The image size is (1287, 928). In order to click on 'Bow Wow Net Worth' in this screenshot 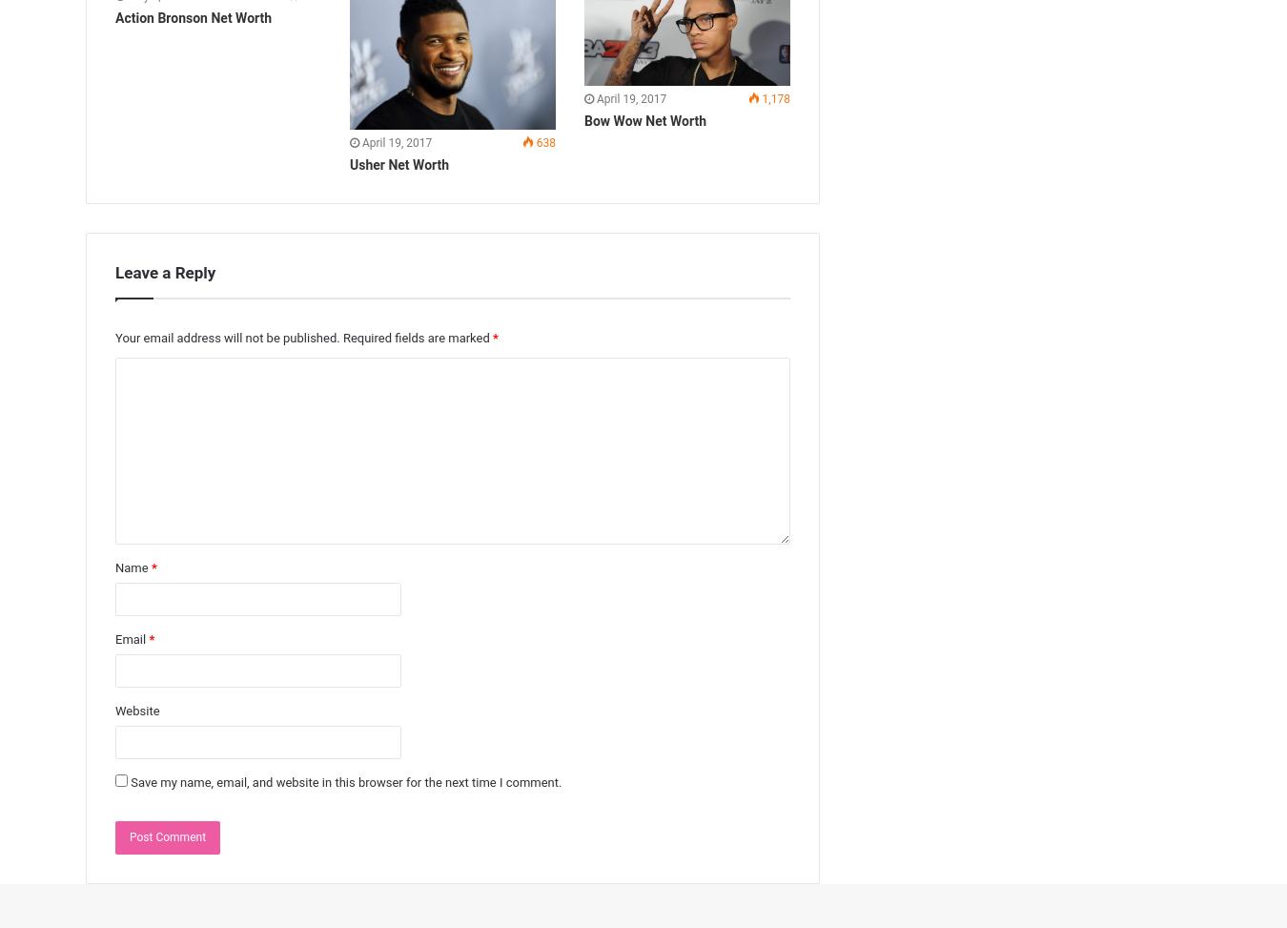, I will do `click(582, 119)`.